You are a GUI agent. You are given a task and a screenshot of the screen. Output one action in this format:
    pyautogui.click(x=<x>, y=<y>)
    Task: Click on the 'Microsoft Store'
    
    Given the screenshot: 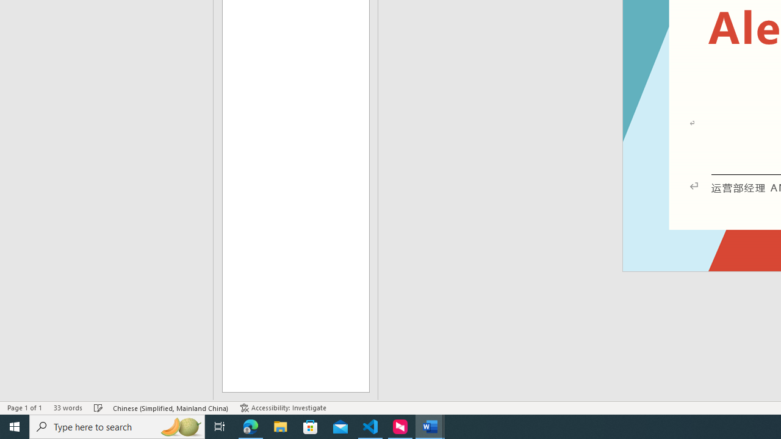 What is the action you would take?
    pyautogui.click(x=311, y=426)
    